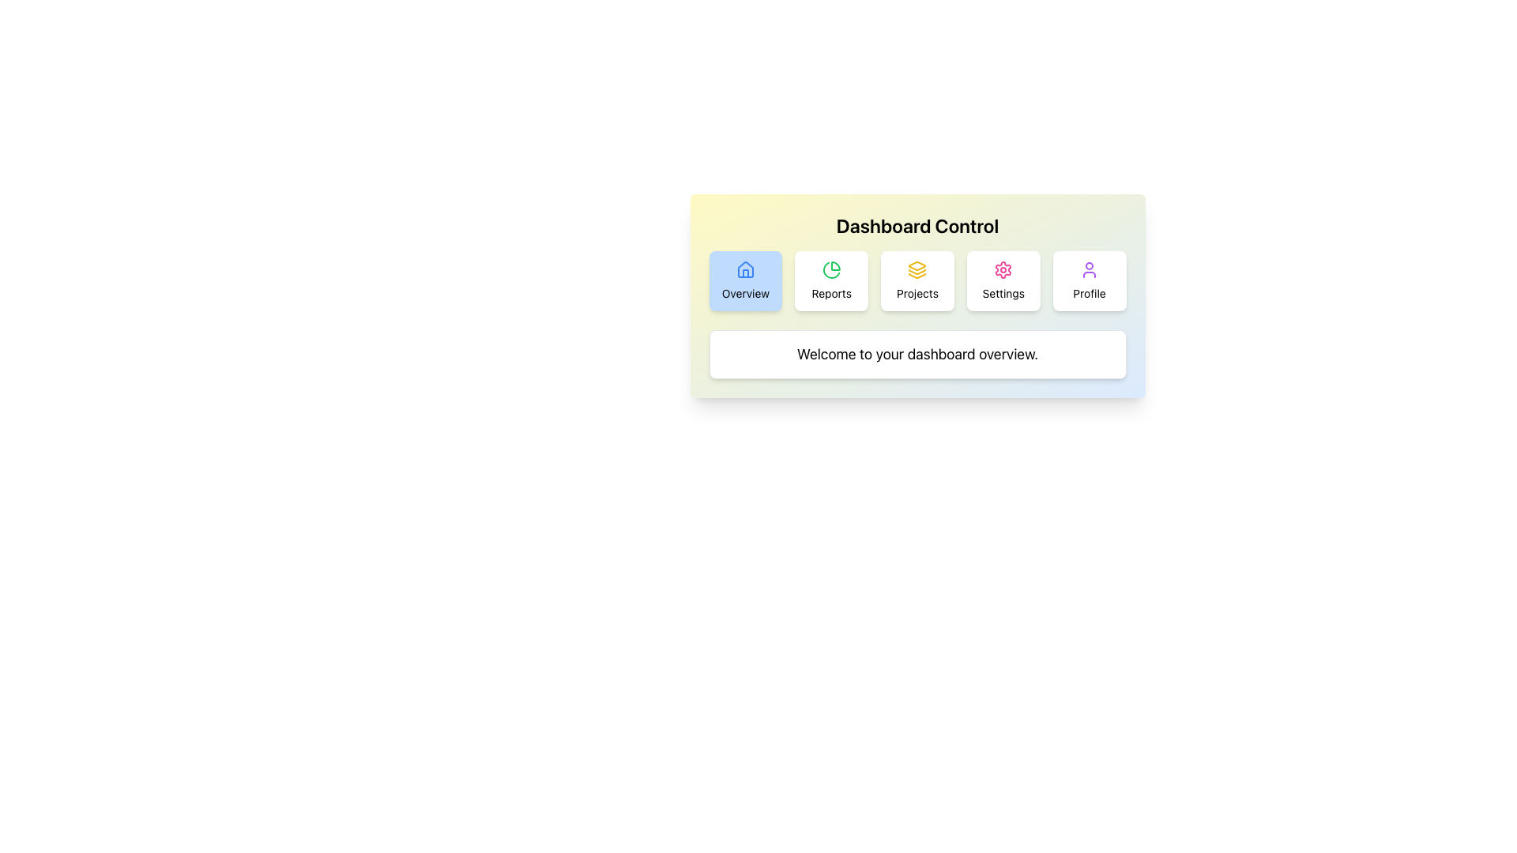 This screenshot has width=1517, height=853. What do you see at coordinates (830, 269) in the screenshot?
I see `the pie chart icon located in the 'Reports' section of the navigation bar for keyboard interaction` at bounding box center [830, 269].